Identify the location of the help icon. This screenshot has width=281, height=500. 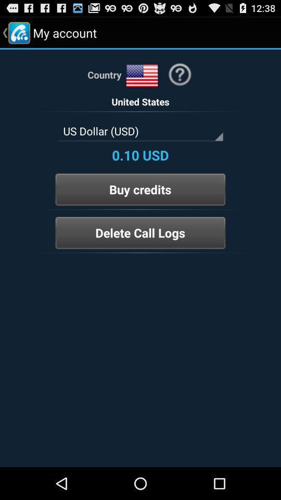
(179, 79).